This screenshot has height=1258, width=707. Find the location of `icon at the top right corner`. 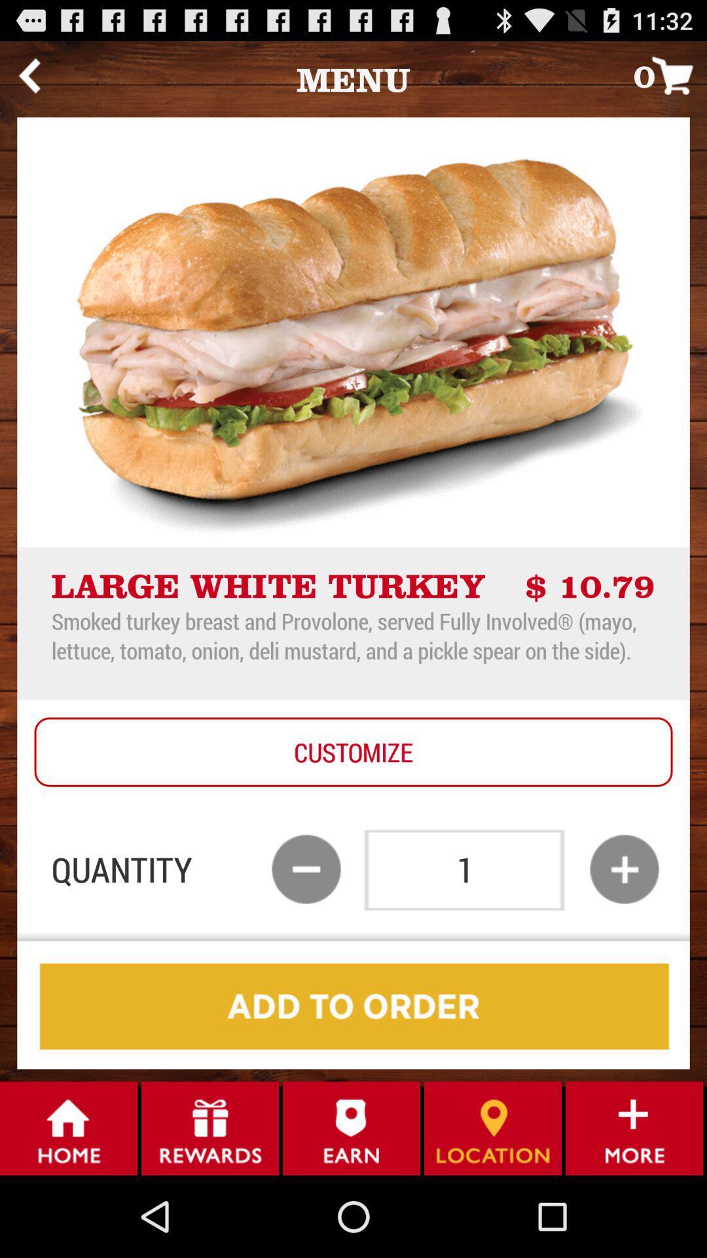

icon at the top right corner is located at coordinates (670, 75).